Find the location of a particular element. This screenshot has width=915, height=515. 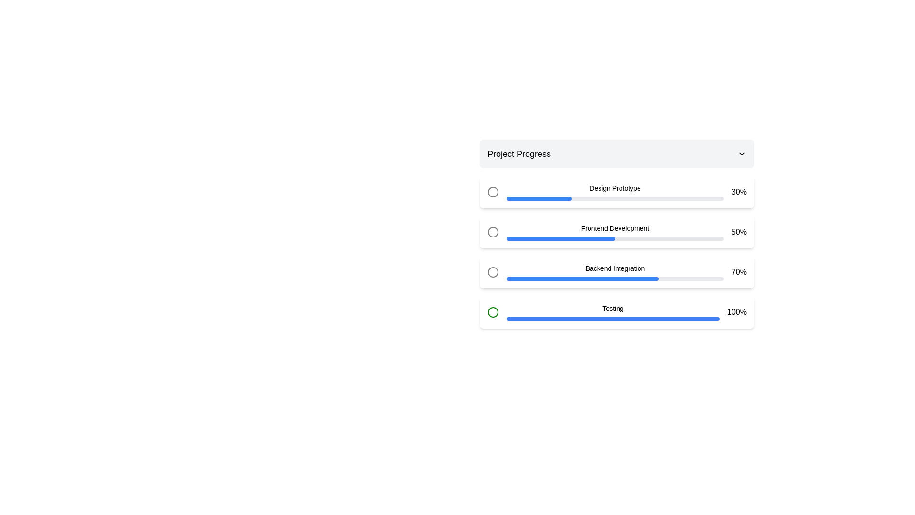

the Progress tracker component that displays 'Backend Integration' with a blue progress bar and '70%' percentage, located centrally in the interface is located at coordinates (617, 272).